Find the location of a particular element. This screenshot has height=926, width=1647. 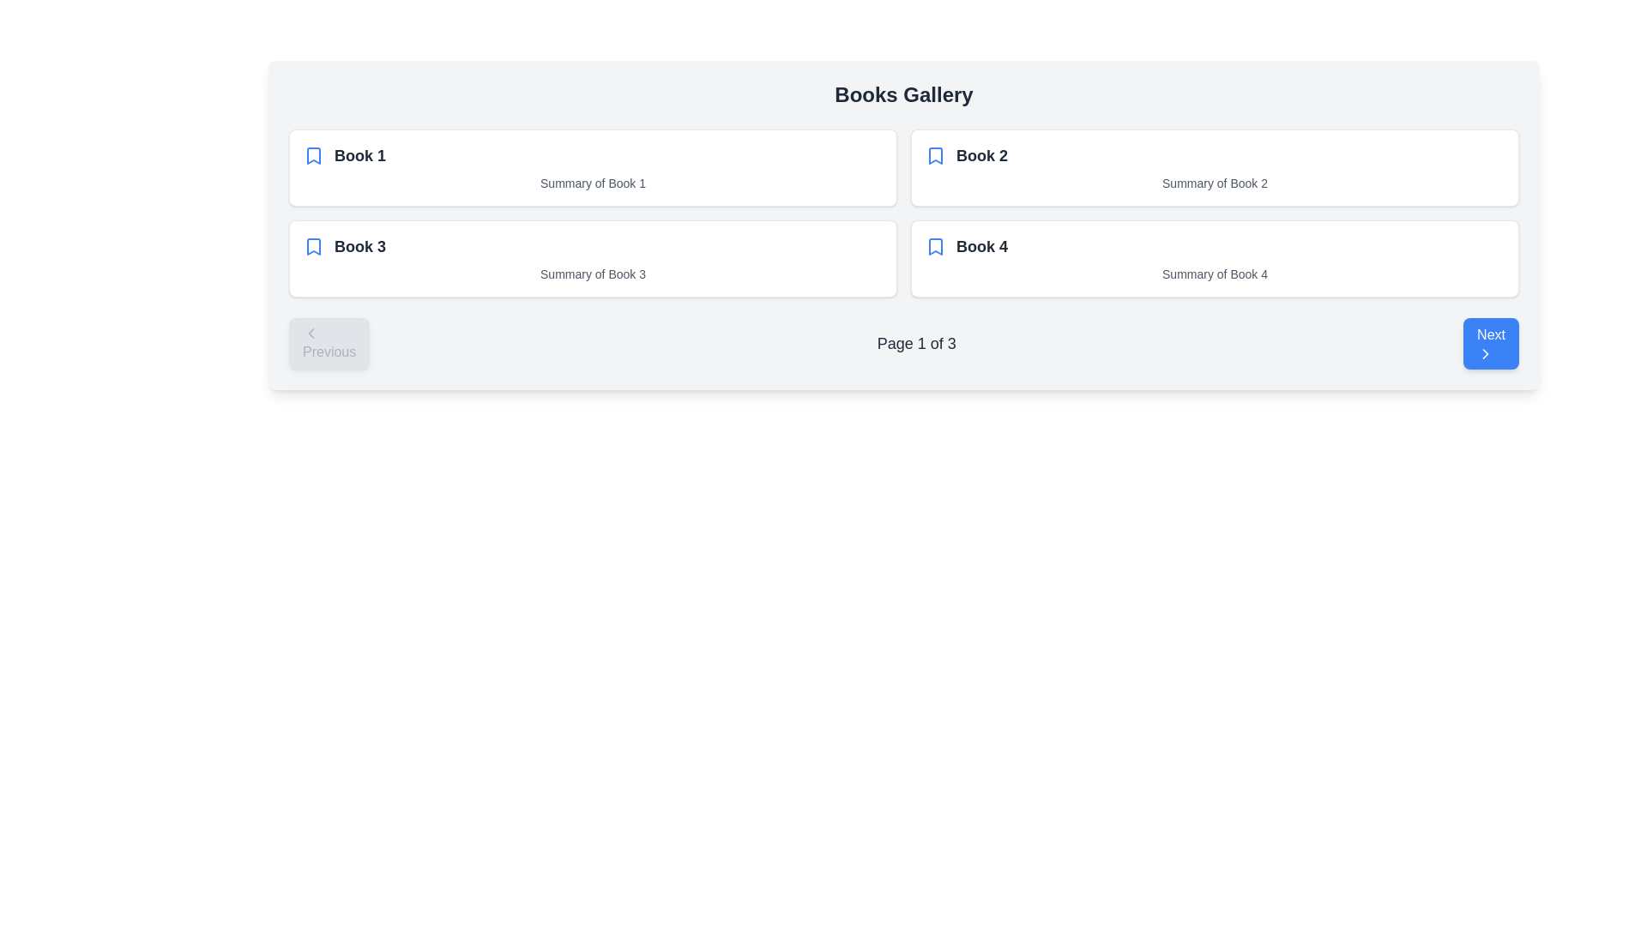

the bookmark icon located in the left column of the grid layout within the second item labeled 'Book 3.' is located at coordinates (313, 247).